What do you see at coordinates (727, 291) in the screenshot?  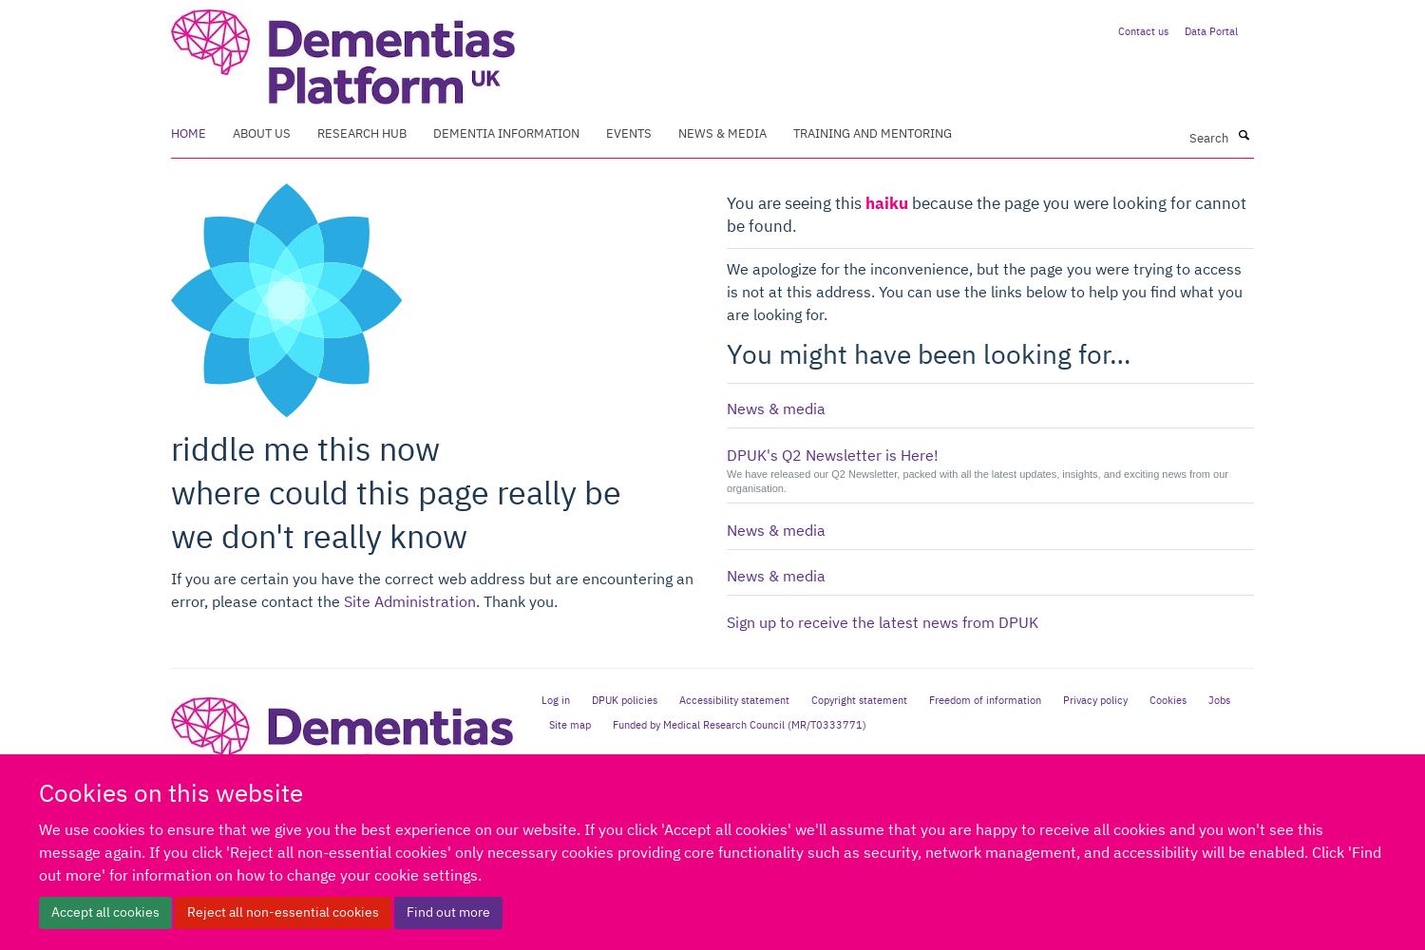 I see `'We apologize for the inconvenience, but the page you were trying to access is not at this address. You can use the links below to help you find what you are looking for.'` at bounding box center [727, 291].